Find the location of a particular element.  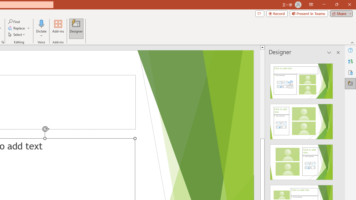

'Design Idea' is located at coordinates (301, 160).